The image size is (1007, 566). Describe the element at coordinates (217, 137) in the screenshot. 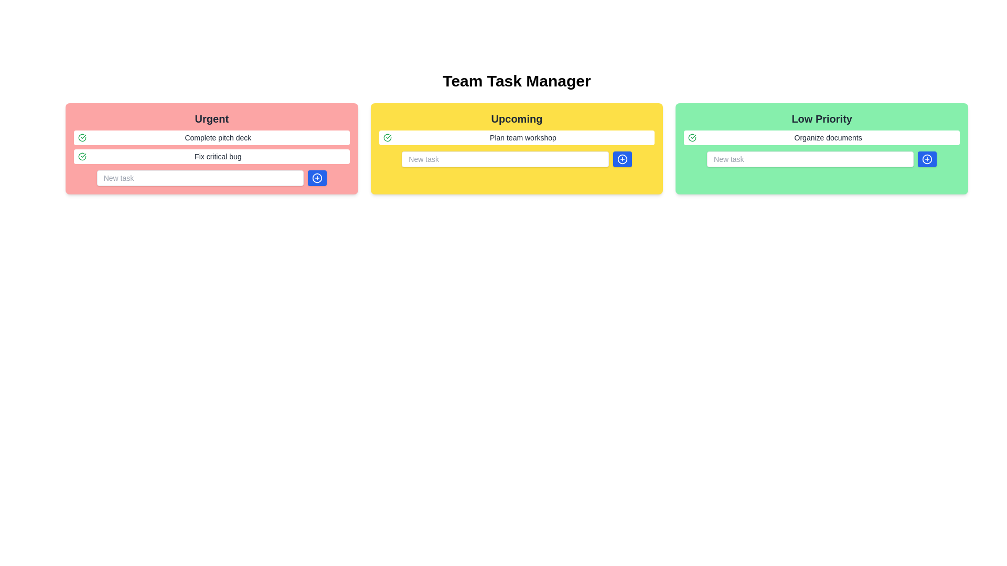

I see `the 'Urgent' task name label, which is the second row of text entries under the 'Urgent' heading in the to-do list` at that location.